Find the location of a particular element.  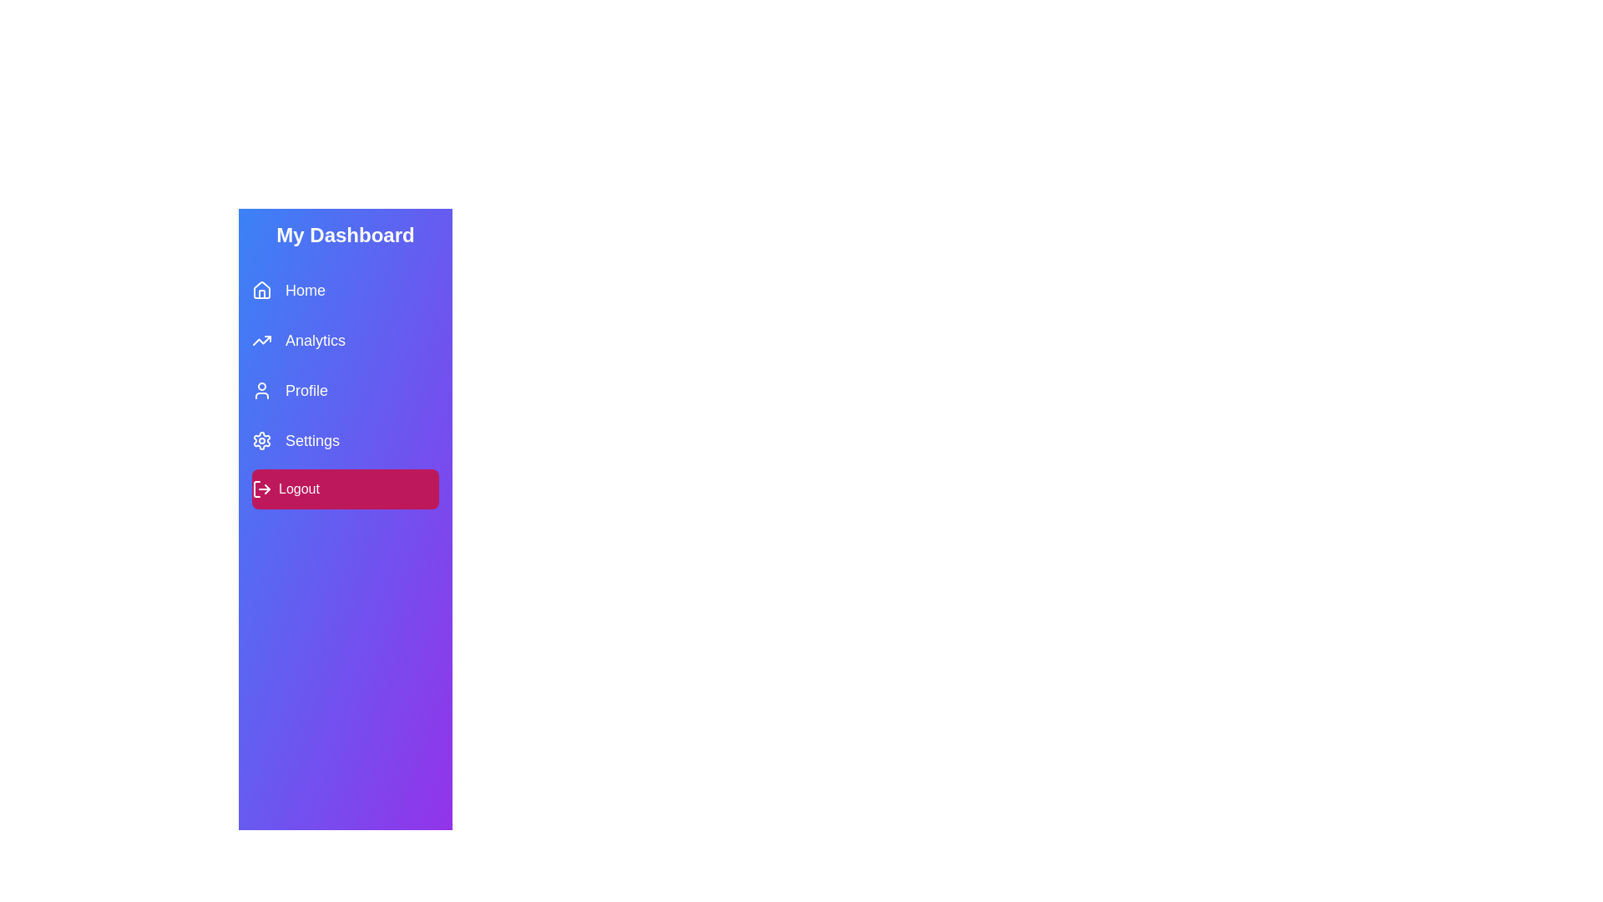

the gear-shaped icon associated with settings is located at coordinates (260, 440).